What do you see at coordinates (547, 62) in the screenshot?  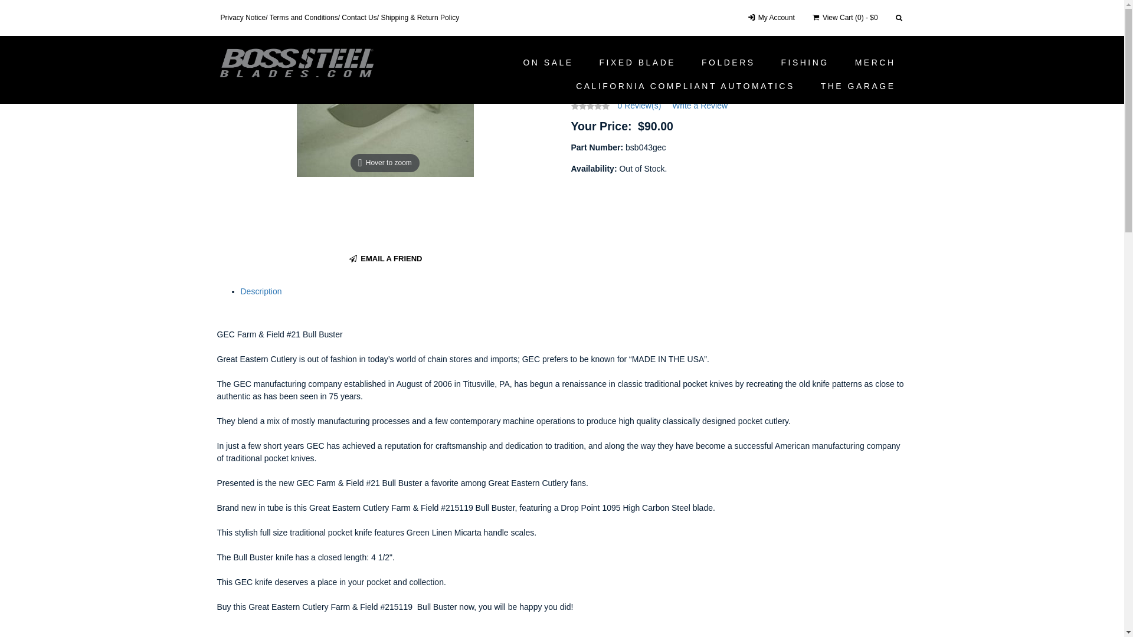 I see `'ON SALE'` at bounding box center [547, 62].